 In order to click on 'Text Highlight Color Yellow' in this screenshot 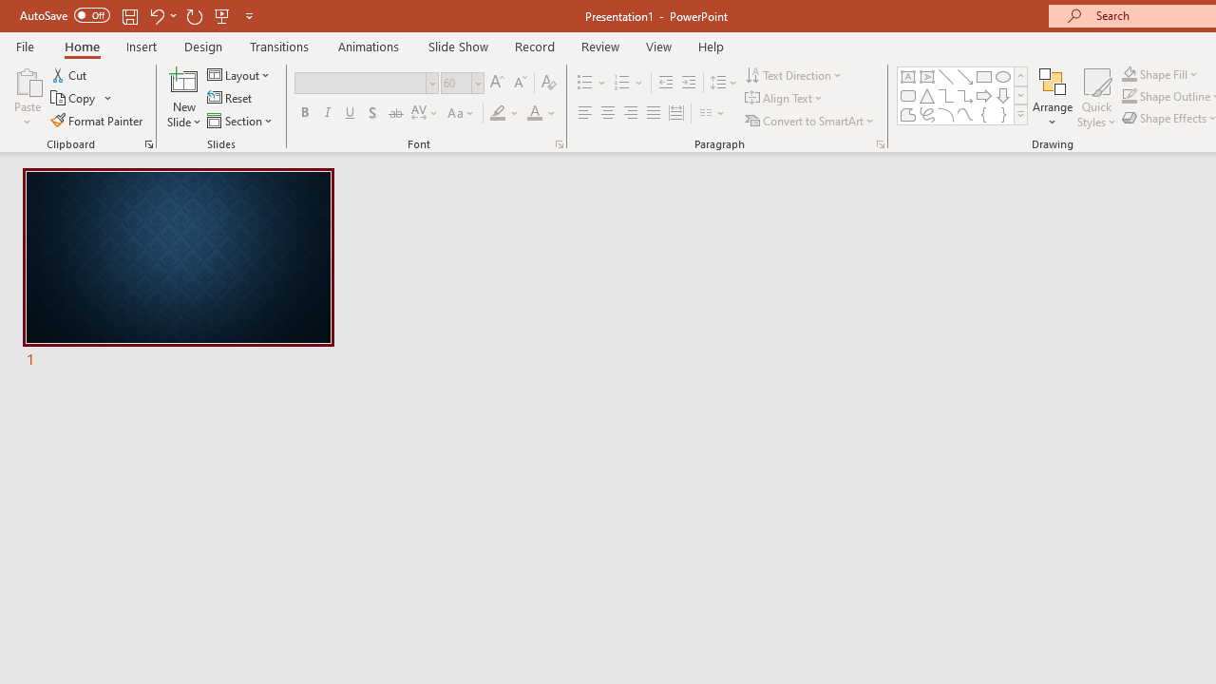, I will do `click(498, 113)`.